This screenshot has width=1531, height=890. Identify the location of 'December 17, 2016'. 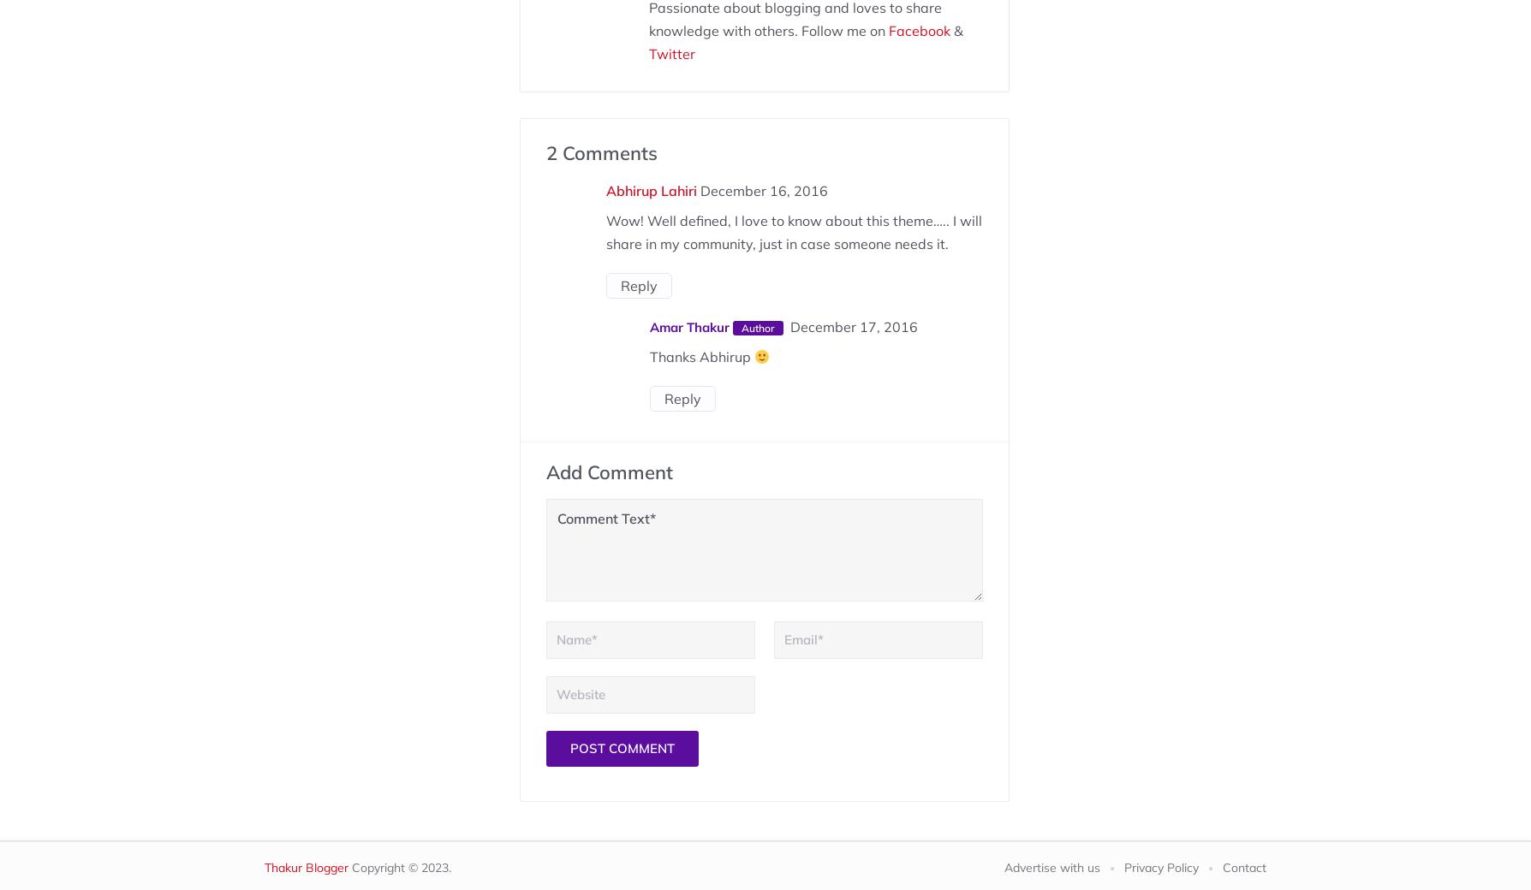
(853, 325).